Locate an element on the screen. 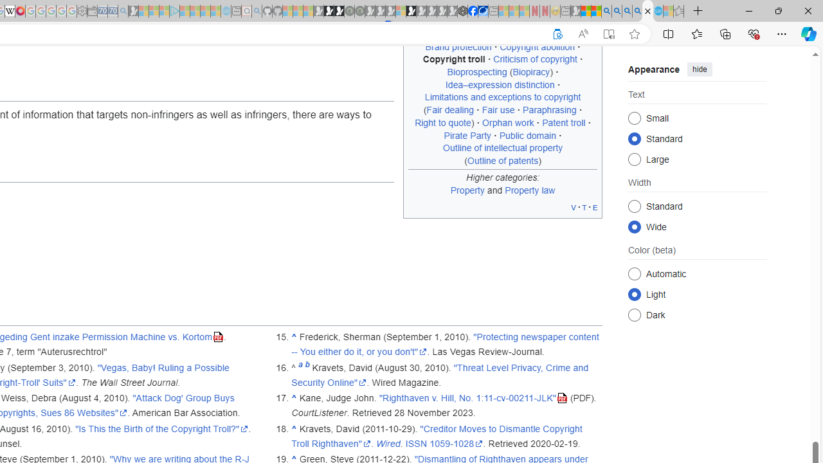 Image resolution: width=823 pixels, height=463 pixels. '2009 Bing officially replaced Live Search on June 3 - Search' is located at coordinates (616, 11).